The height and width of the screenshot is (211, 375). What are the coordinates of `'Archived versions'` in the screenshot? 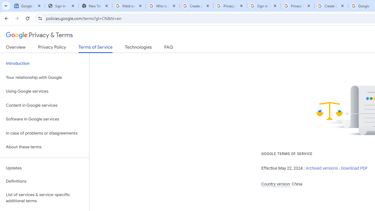 It's located at (321, 168).